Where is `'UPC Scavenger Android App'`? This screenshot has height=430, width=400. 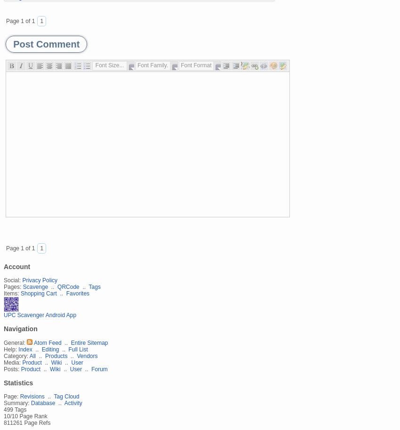
'UPC Scavenger Android App' is located at coordinates (3, 314).